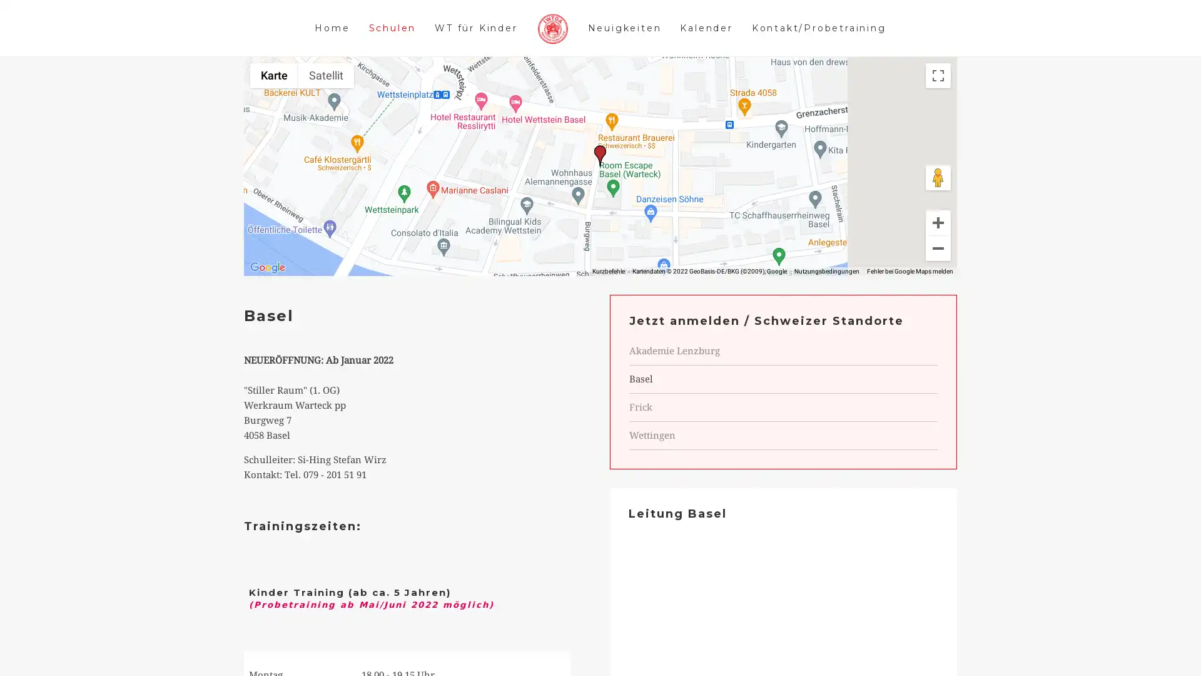 The width and height of the screenshot is (1201, 676). Describe the element at coordinates (938, 267) in the screenshot. I see `Verkleinern` at that location.